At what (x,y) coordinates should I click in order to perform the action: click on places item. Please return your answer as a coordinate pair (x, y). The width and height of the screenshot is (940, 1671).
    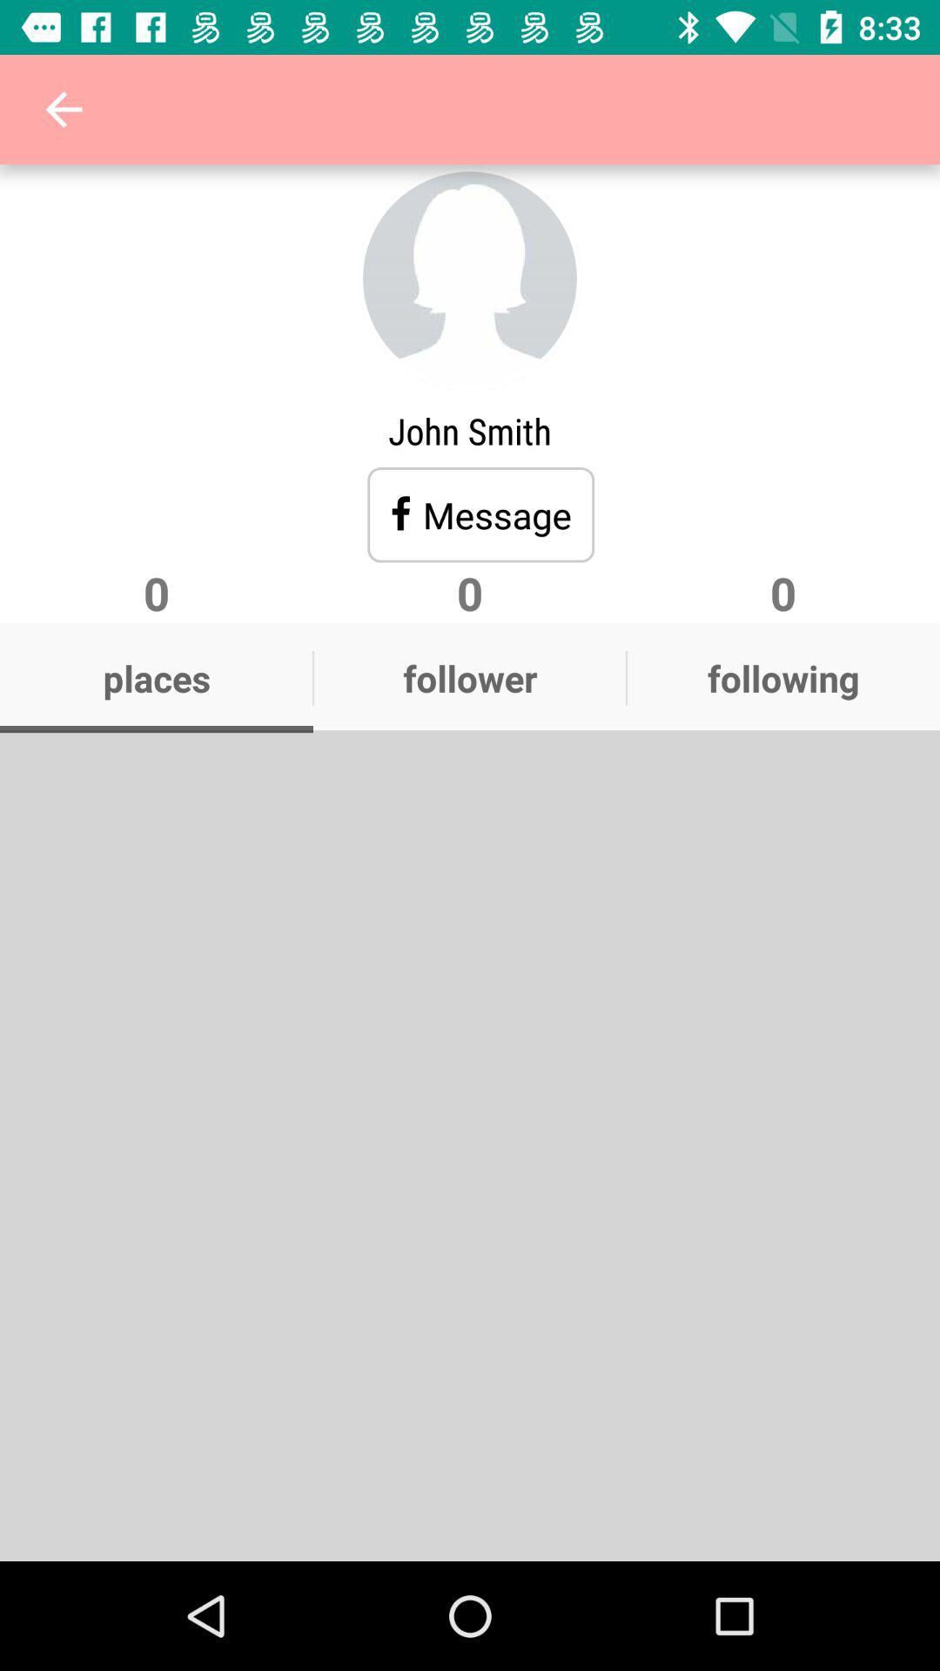
    Looking at the image, I should click on (157, 677).